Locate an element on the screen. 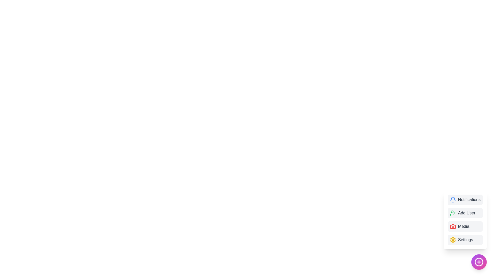 This screenshot has height=278, width=495. the 'Notifications' menu item is located at coordinates (465, 199).